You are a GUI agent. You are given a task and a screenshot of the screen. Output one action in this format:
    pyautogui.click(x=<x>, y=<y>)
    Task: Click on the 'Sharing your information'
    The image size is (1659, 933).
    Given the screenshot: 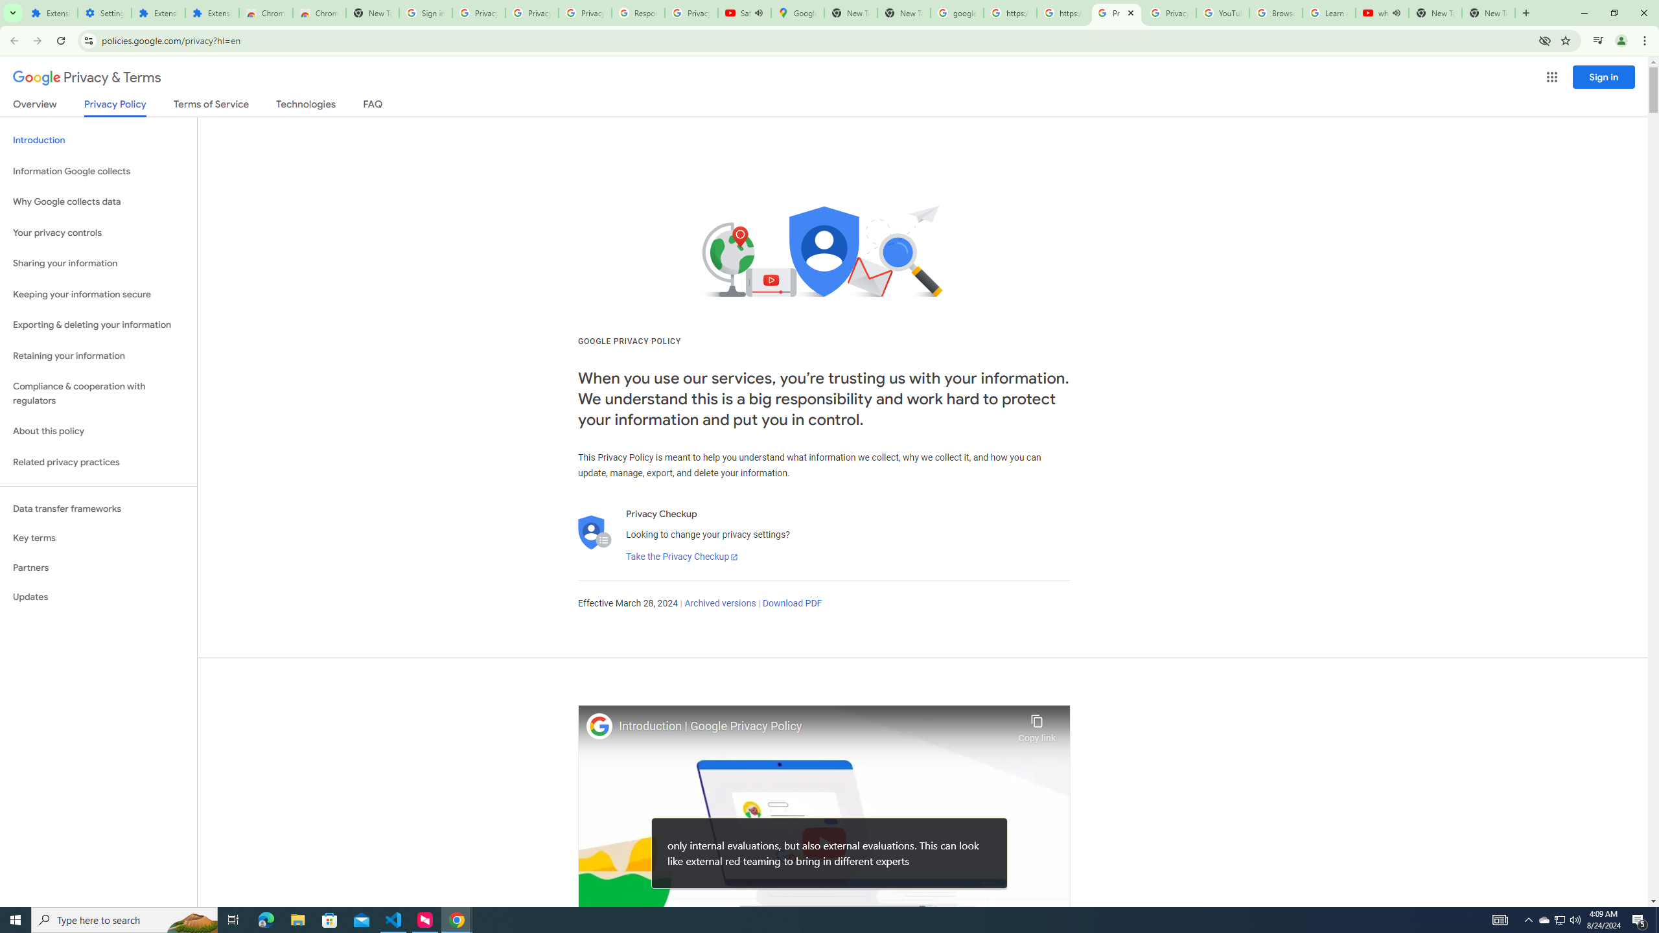 What is the action you would take?
    pyautogui.click(x=98, y=262)
    